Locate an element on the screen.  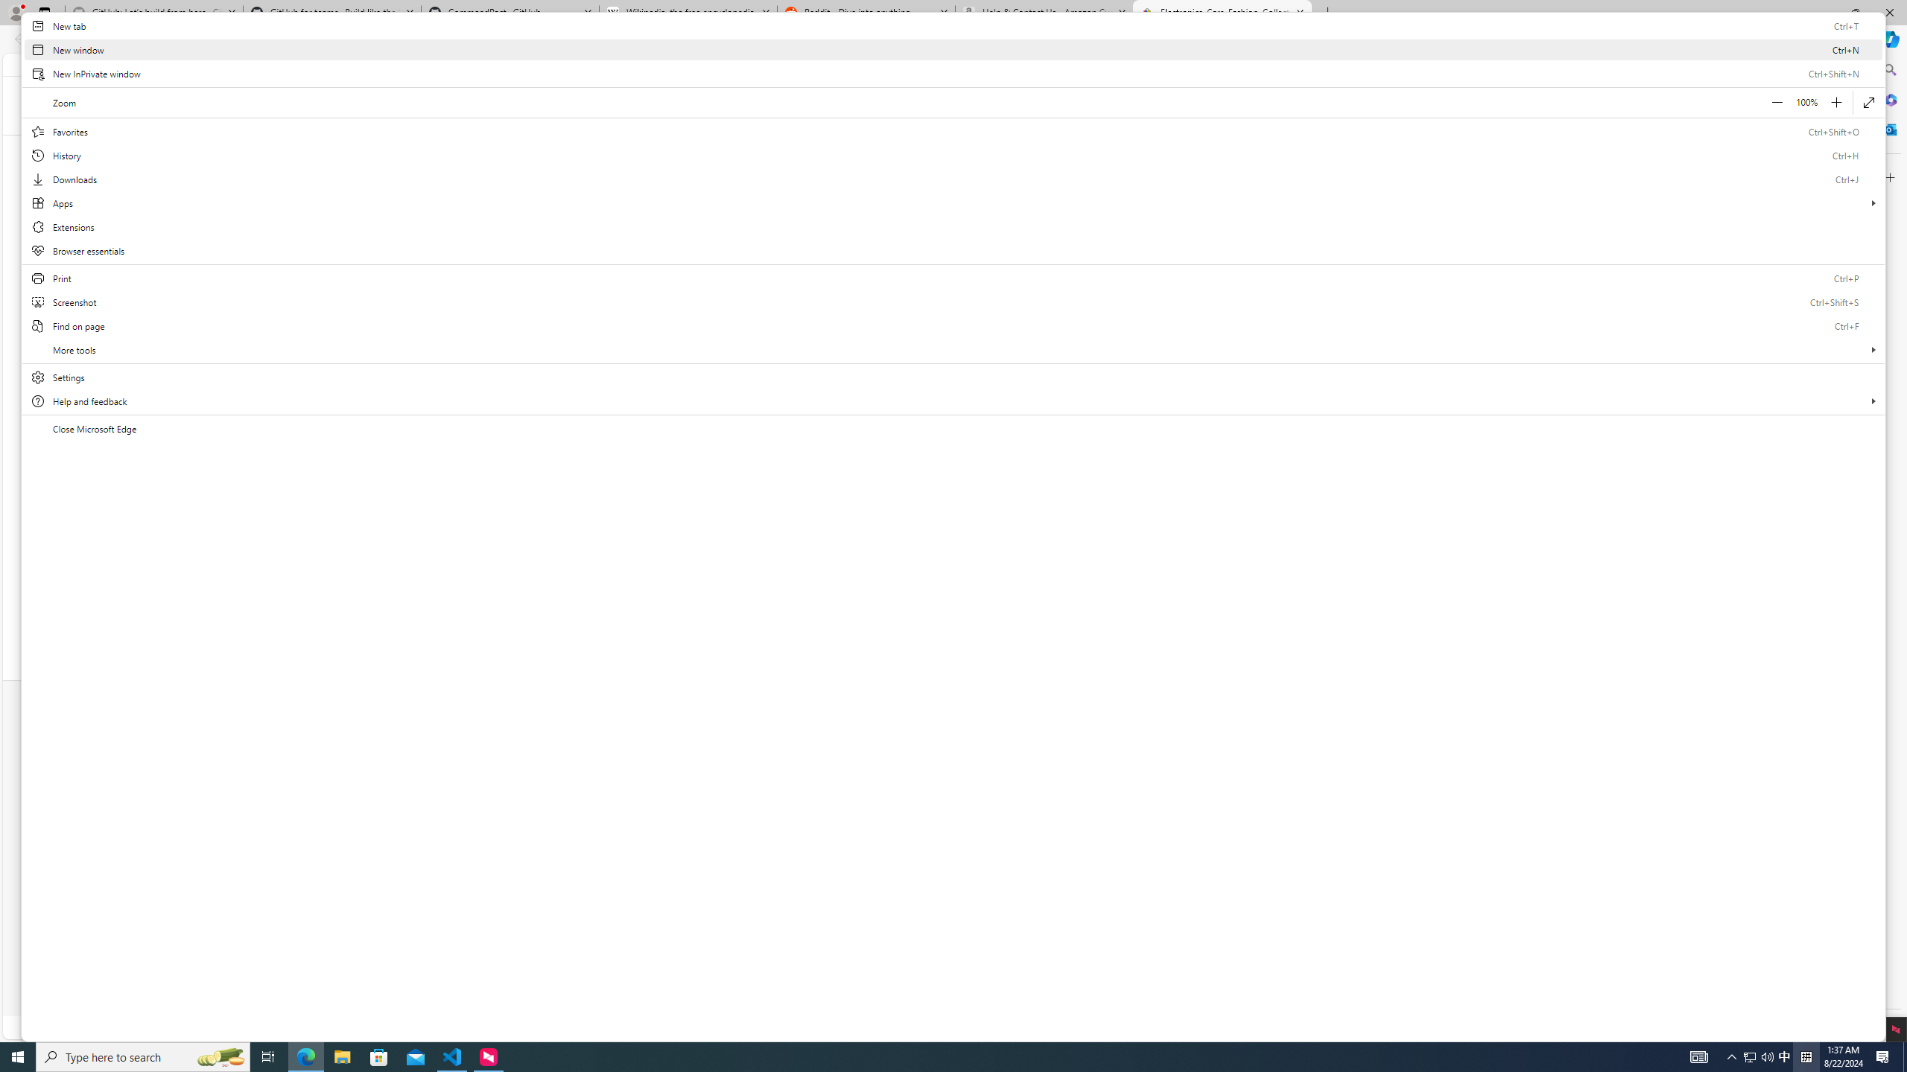
'Reddit - Dive into anything' is located at coordinates (865, 12).